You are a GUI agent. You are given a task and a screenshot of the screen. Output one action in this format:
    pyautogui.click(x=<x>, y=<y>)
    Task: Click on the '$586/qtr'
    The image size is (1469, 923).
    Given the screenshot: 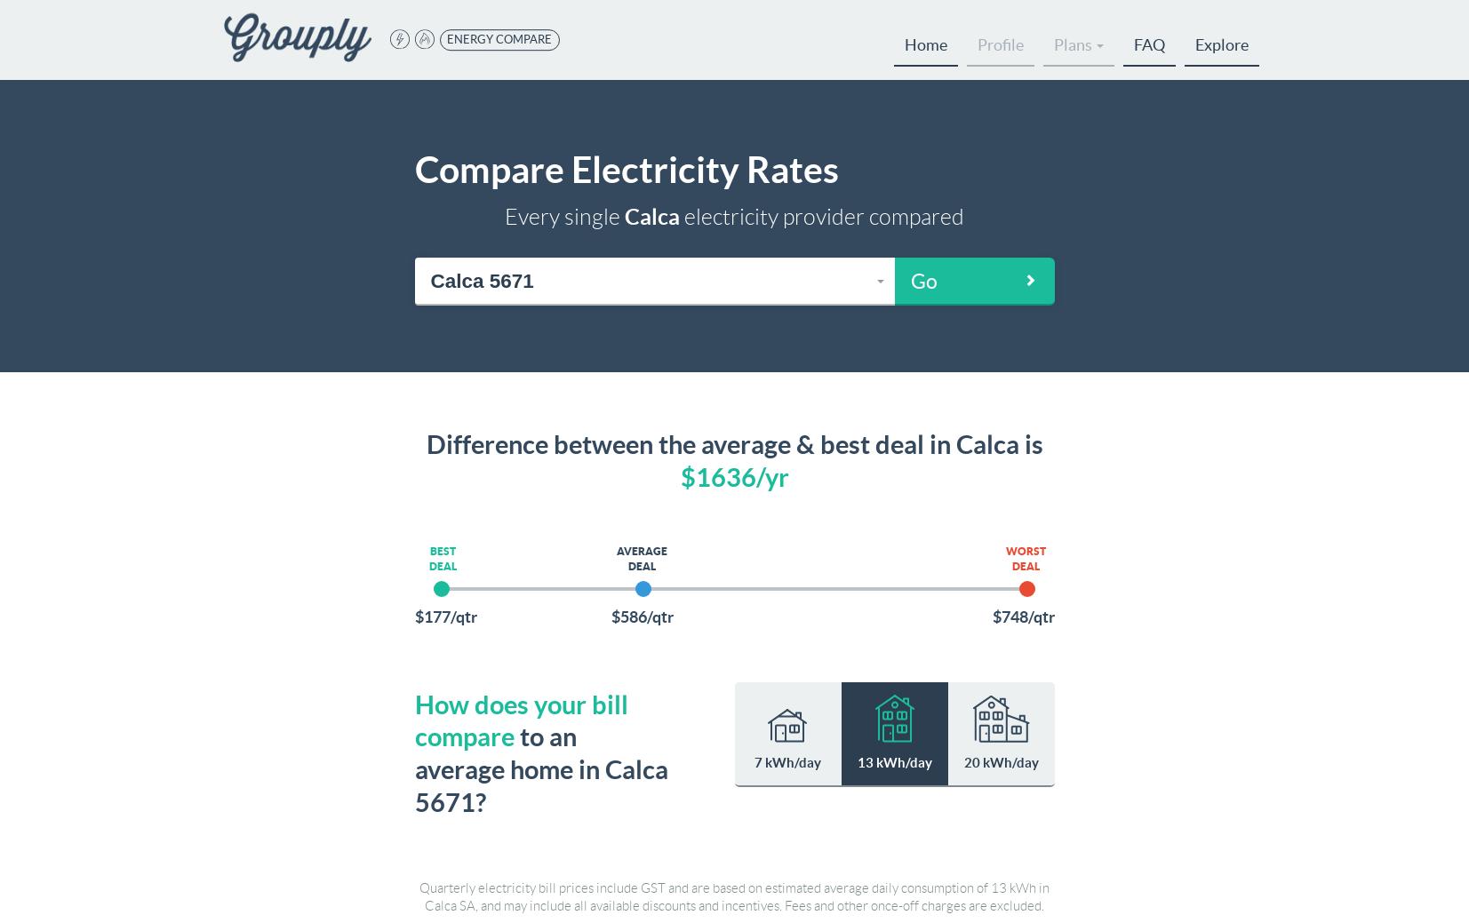 What is the action you would take?
    pyautogui.click(x=641, y=615)
    